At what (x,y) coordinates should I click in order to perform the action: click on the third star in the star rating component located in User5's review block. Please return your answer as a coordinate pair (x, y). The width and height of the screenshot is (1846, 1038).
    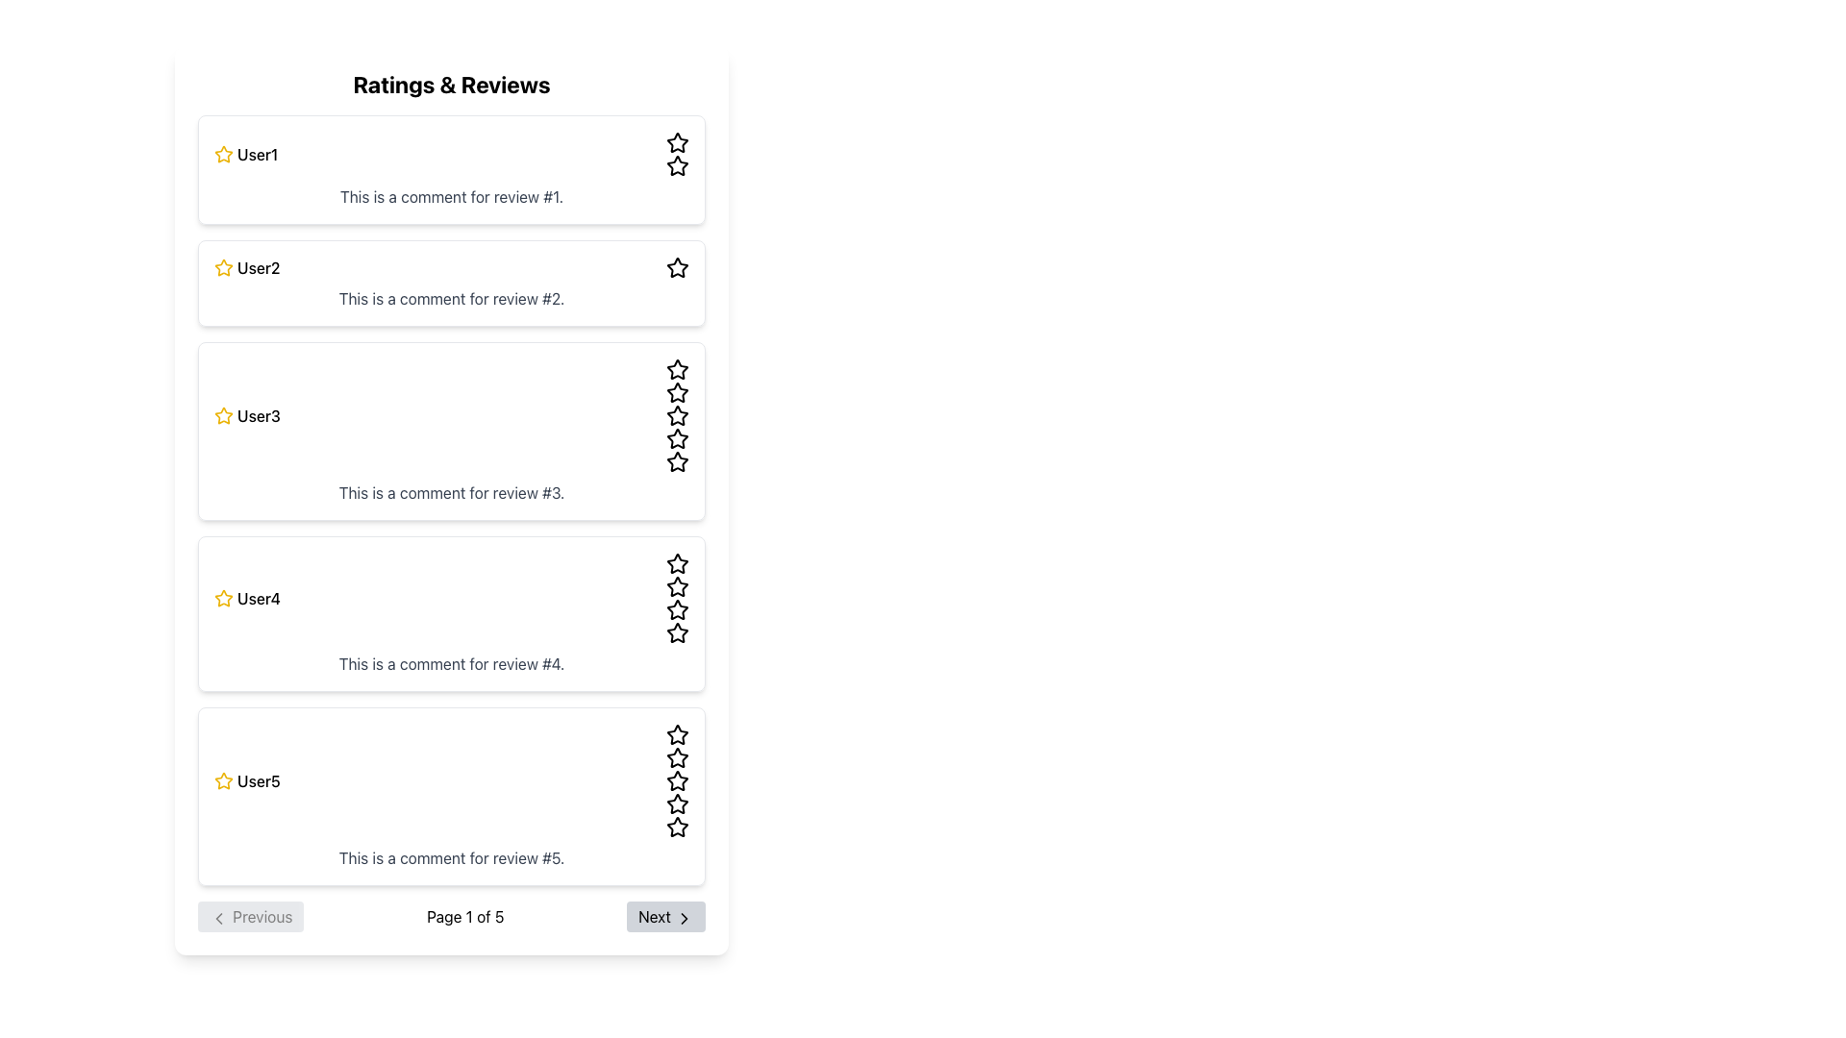
    Looking at the image, I should click on (678, 780).